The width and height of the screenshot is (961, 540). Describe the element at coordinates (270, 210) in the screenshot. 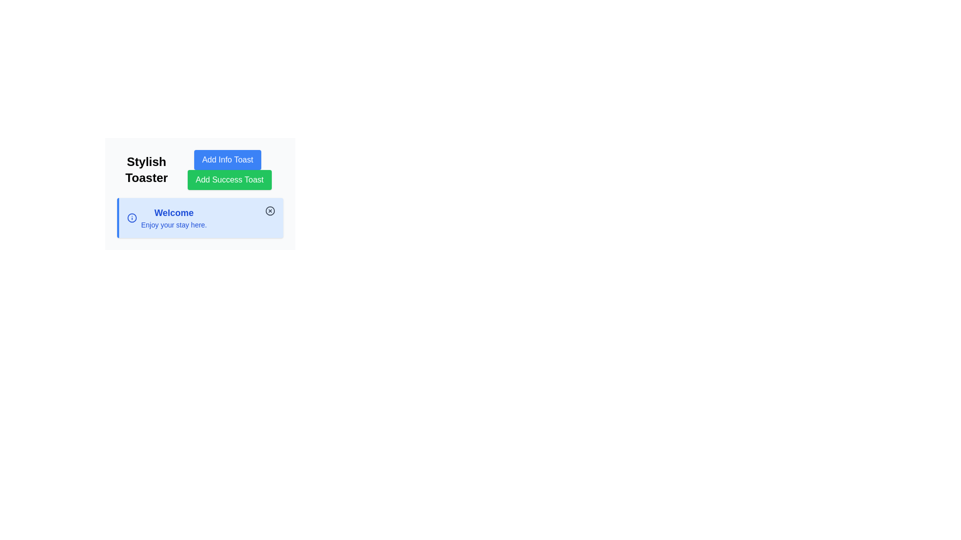

I see `the Close button icon located in the top-right corner of the notification card` at that location.